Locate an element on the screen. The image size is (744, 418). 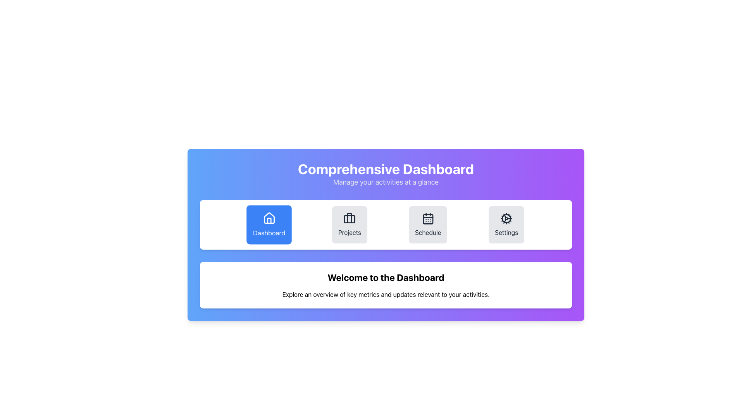
the far-right settings button in the upper section of the interface to activate hover effects is located at coordinates (506, 225).